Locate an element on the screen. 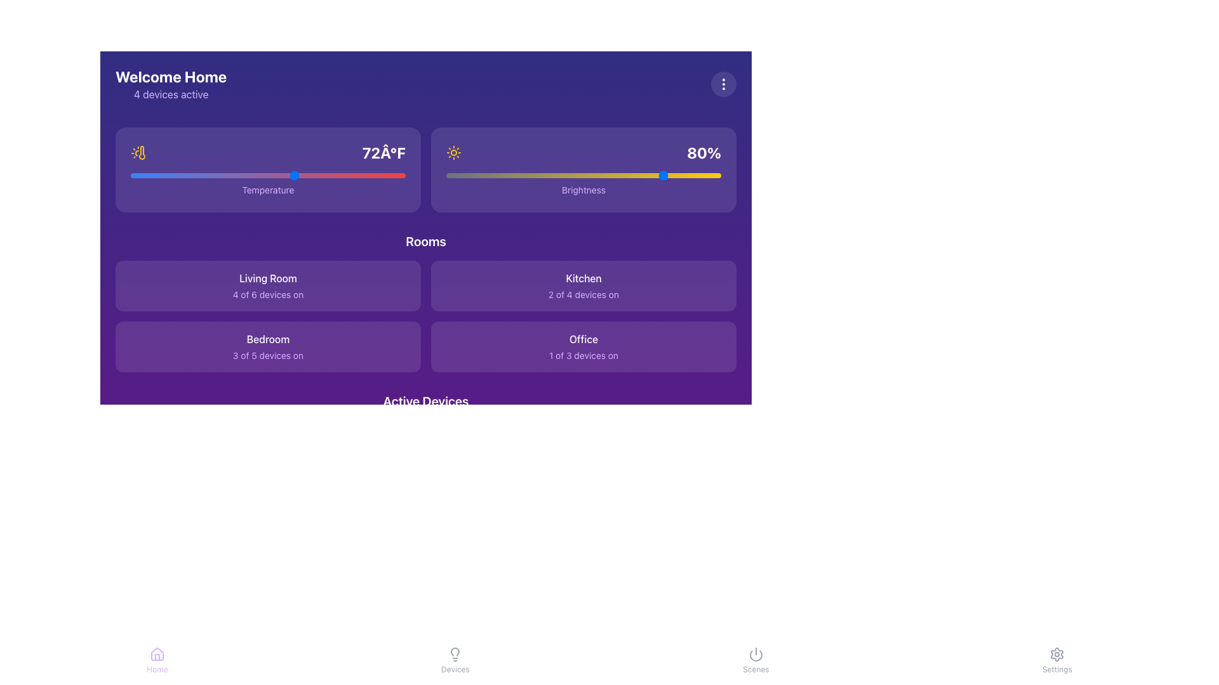 This screenshot has width=1219, height=685. the vertical ellipsis icon located in the top-right corner of the user interface is located at coordinates (724, 84).